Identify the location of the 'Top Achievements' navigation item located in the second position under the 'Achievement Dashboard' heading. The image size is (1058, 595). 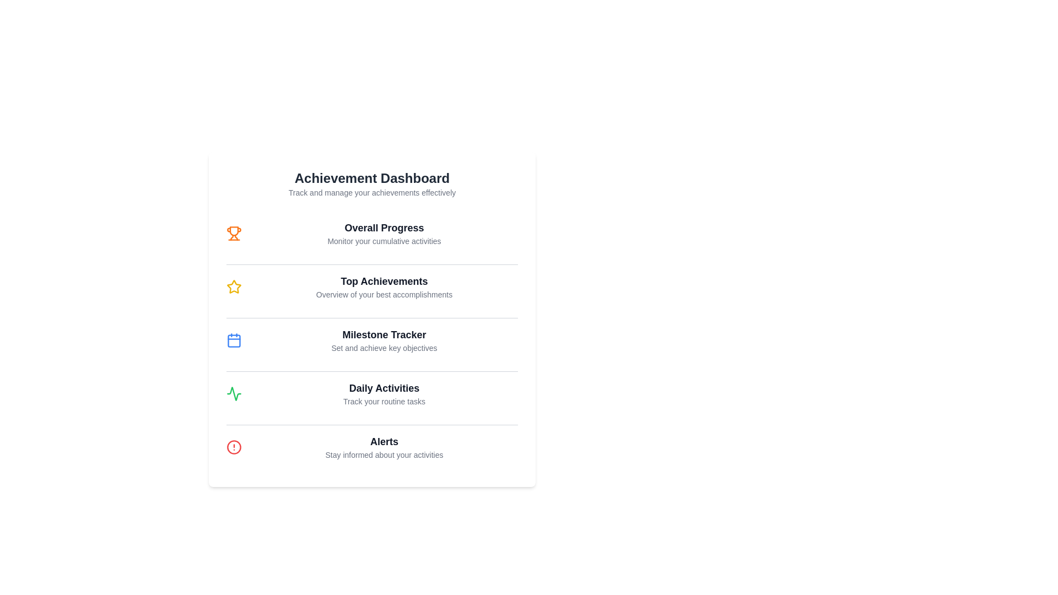
(372, 286).